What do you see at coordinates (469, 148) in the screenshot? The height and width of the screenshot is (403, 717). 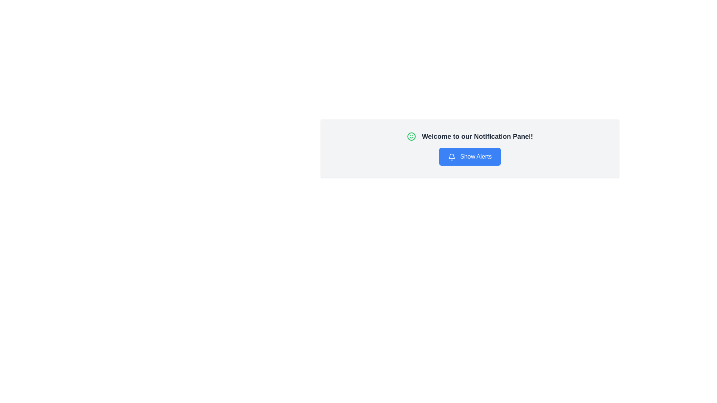 I see `the blue 'Show Alerts' button with a white bell icon in the notification panel` at bounding box center [469, 148].